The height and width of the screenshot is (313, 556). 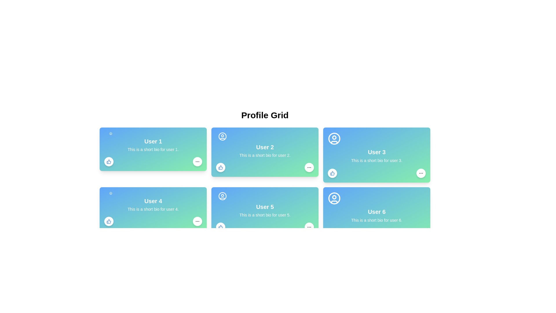 I want to click on the static text that reads 'This is a short bio for user 3.' which is styled with a small font size and located within the blue-to-green gradient card associated with 'User 3.', so click(x=376, y=161).